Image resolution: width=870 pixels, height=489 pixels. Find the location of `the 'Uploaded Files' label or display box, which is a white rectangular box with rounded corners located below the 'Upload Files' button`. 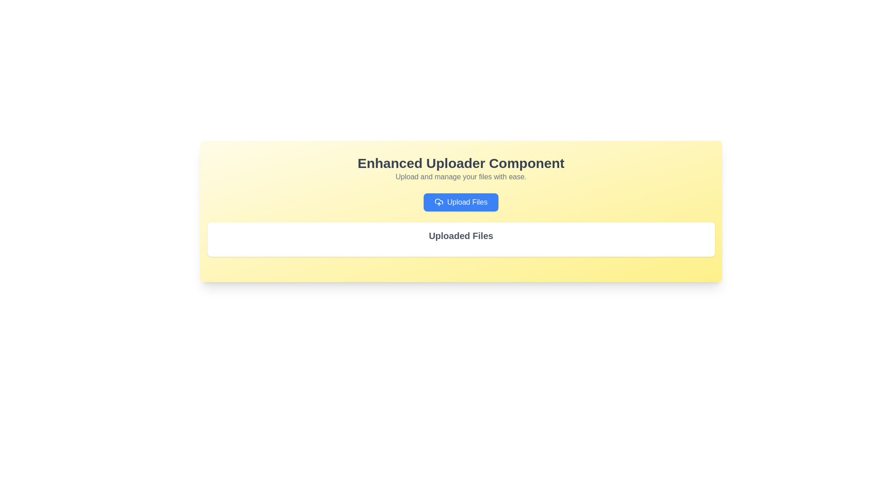

the 'Uploaded Files' label or display box, which is a white rectangular box with rounded corners located below the 'Upload Files' button is located at coordinates (461, 239).